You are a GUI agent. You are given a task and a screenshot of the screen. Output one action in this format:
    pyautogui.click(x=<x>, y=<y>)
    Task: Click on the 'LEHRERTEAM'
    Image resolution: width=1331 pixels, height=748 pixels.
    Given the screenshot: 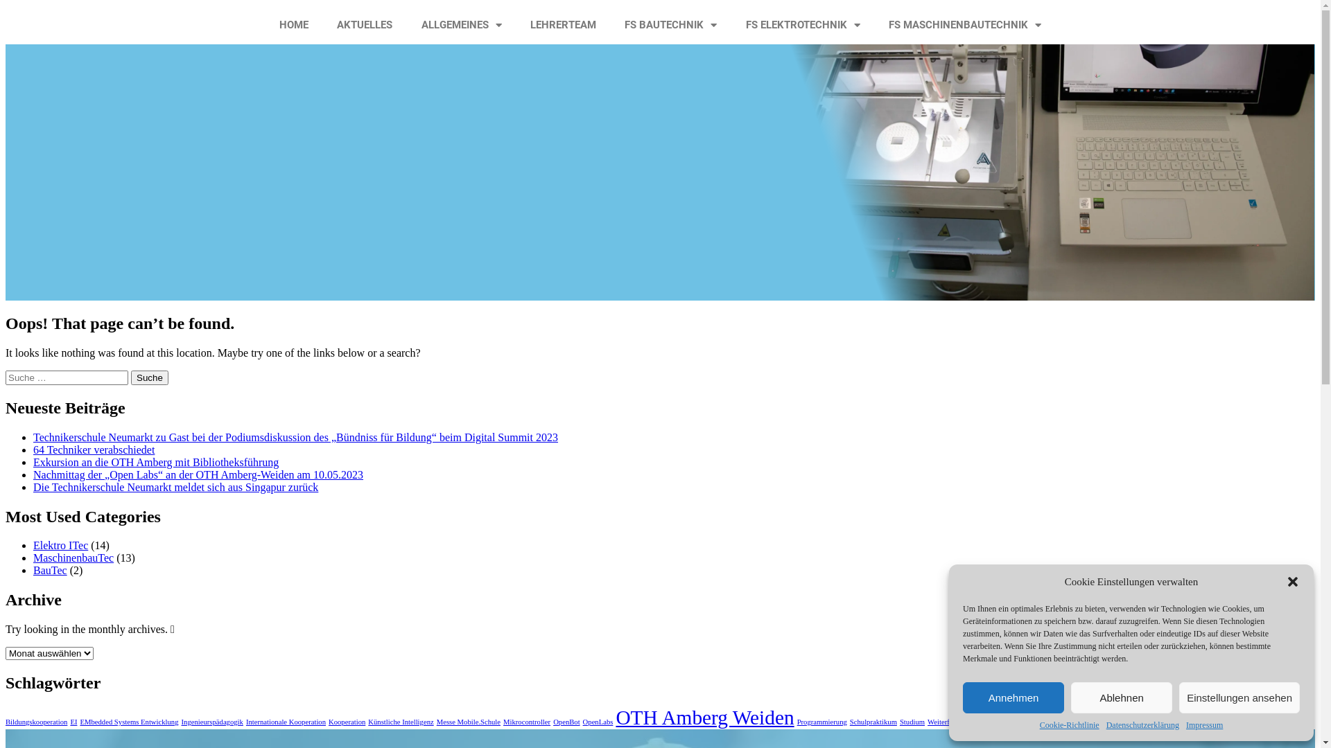 What is the action you would take?
    pyautogui.click(x=562, y=24)
    